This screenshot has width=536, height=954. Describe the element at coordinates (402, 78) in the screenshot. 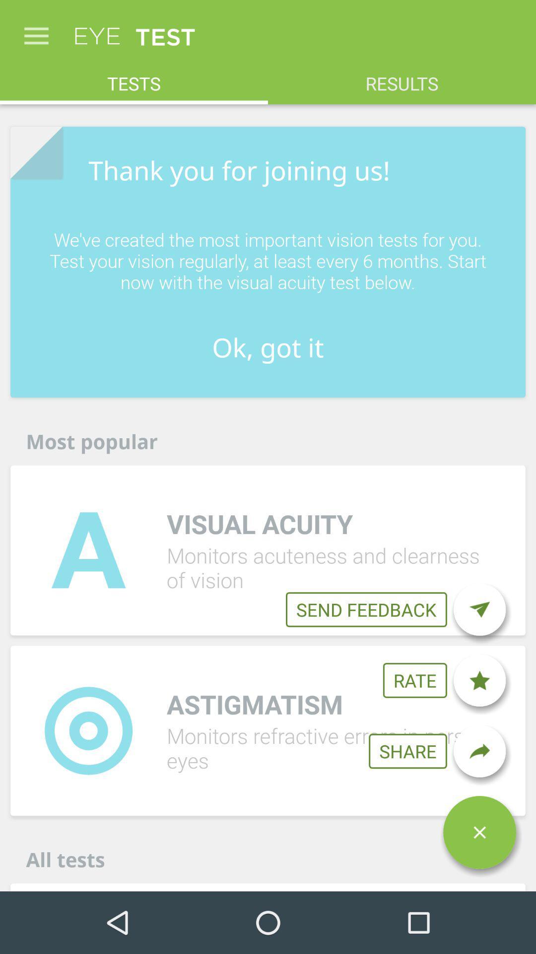

I see `the item at the top right corner` at that location.